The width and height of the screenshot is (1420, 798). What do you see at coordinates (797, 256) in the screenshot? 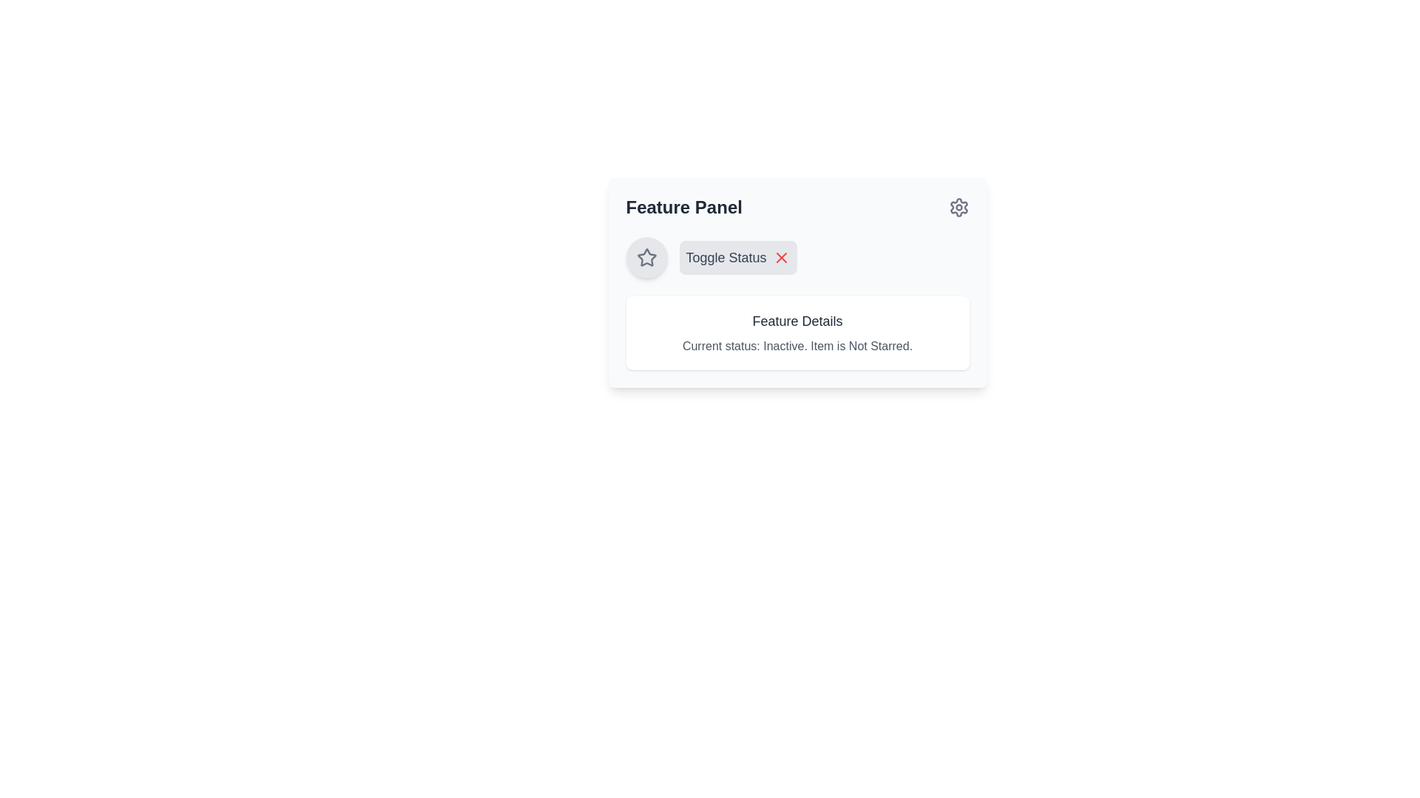
I see `the 'Toggle Status' interactive button located within the 'Feature Panel', which has a star icon on the left and a small red 'X' icon on the right` at bounding box center [797, 256].